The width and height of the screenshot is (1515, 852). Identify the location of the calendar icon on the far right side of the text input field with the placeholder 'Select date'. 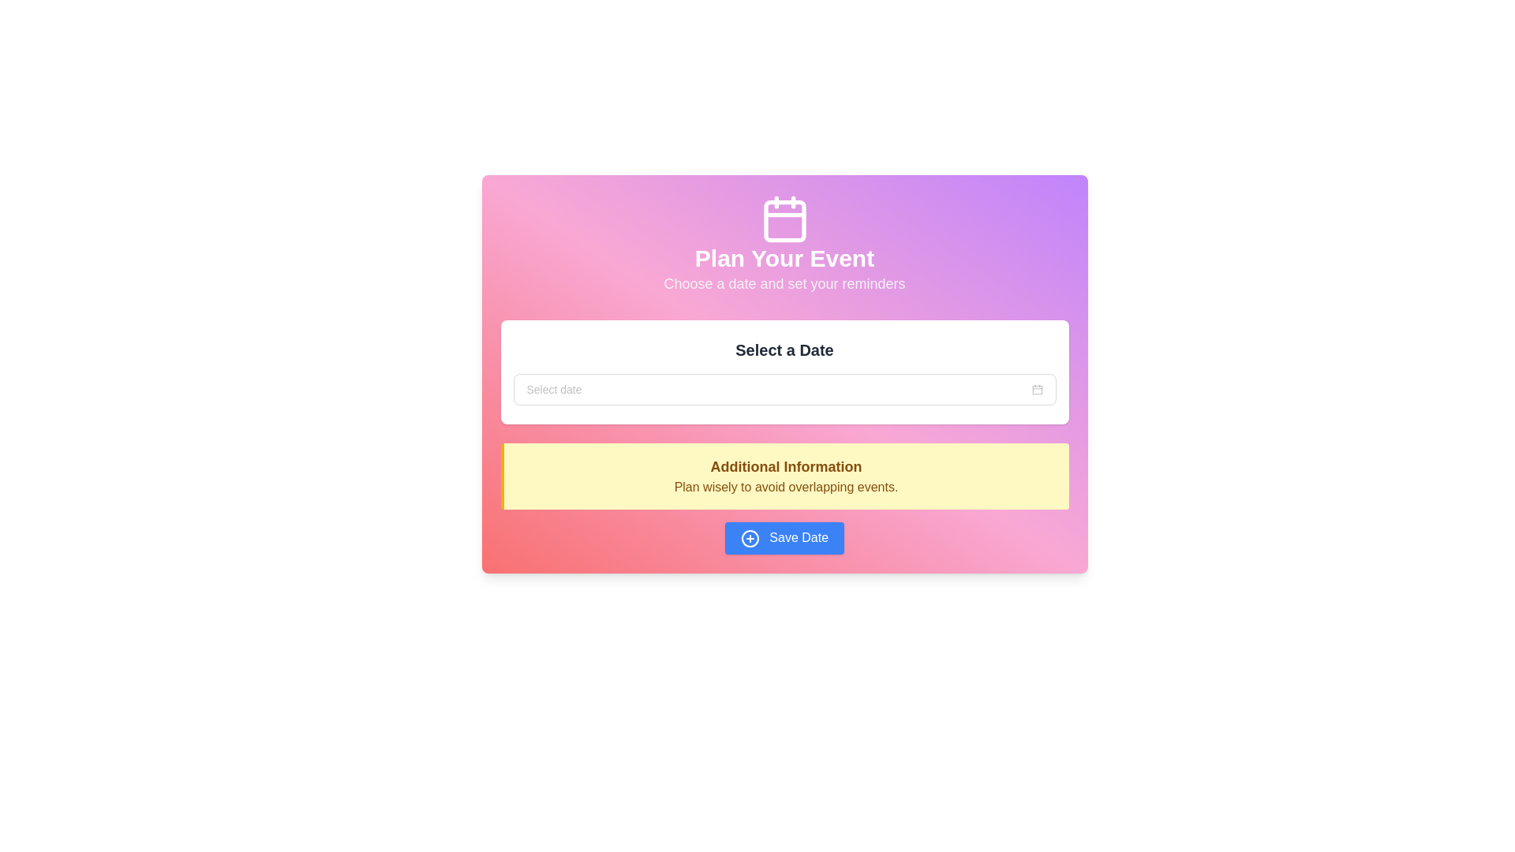
(1037, 389).